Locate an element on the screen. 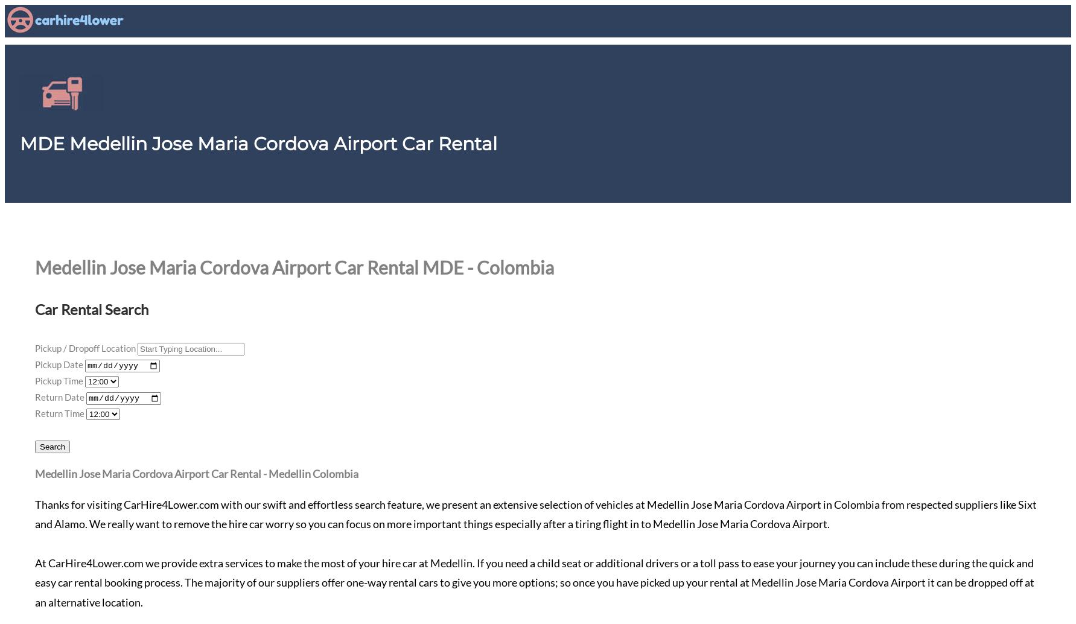 Image resolution: width=1076 pixels, height=624 pixels. 'Thanks for visiting CarHire4Lower.com with our swift and effortless search feature, we present an extensive selection of vehicles at Medellin Jose Maria Cordova Airport in Colombia from respected suppliers like Sixt and Alamo. We really want to remove the hire car worry so you can focus on more important things especially after a tiring flight in to Medellin Jose Maria Cordova Airport.' is located at coordinates (535, 513).